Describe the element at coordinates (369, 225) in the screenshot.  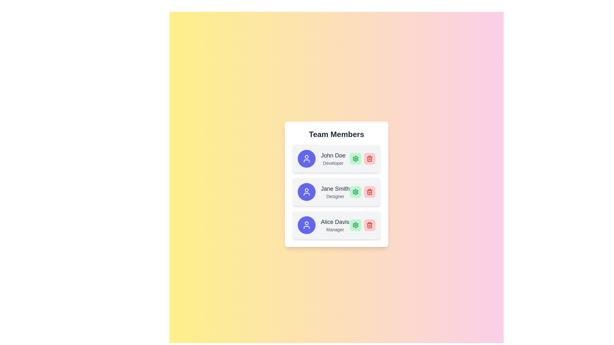
I see `the delete button with a trash bin icon located on the right side of the third row in the list of team members, adjacent to the green settings button` at that location.